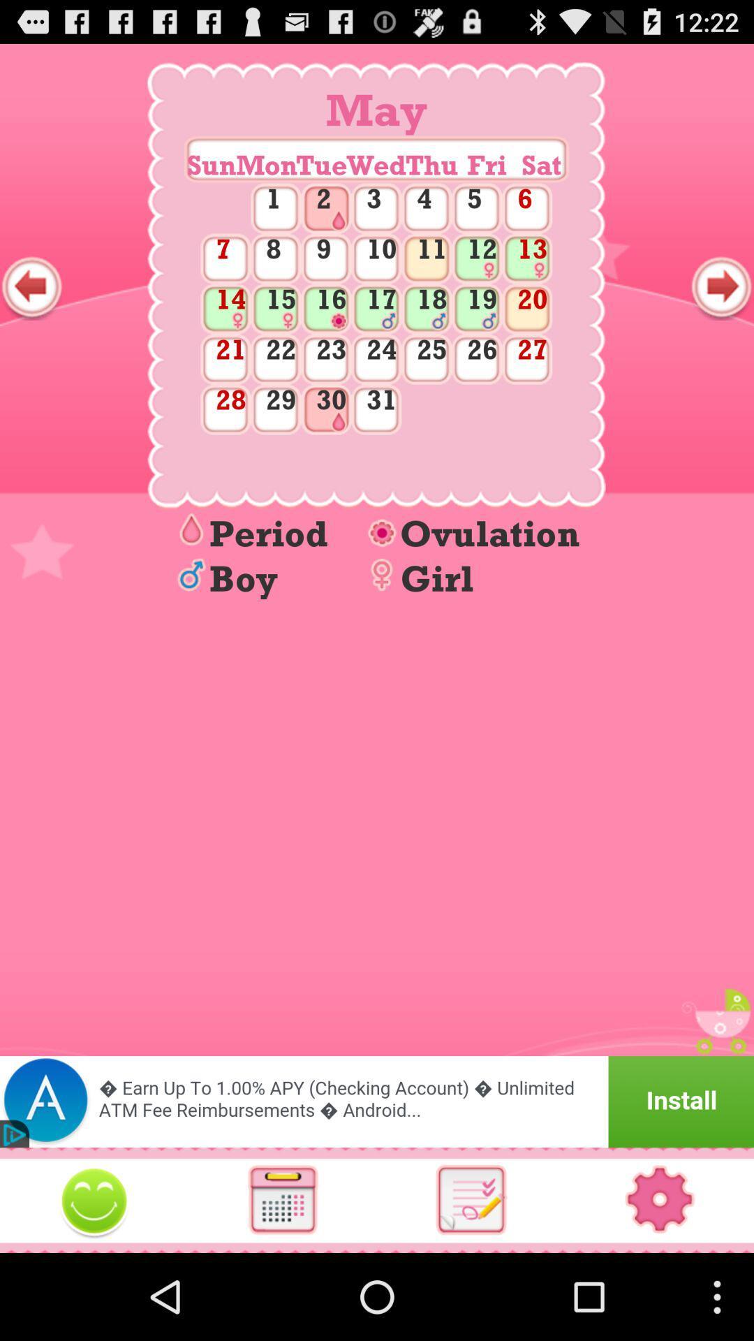  What do you see at coordinates (31, 286) in the screenshot?
I see `go back` at bounding box center [31, 286].